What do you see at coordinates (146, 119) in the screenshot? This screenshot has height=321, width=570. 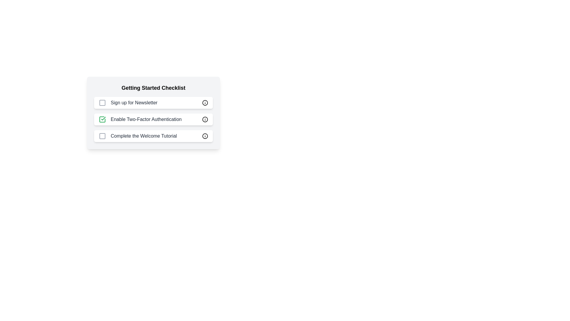 I see `text label styled in gray that contains the text 'Enable Two-Factor Authentication', which is the second item in the checklist interface` at bounding box center [146, 119].